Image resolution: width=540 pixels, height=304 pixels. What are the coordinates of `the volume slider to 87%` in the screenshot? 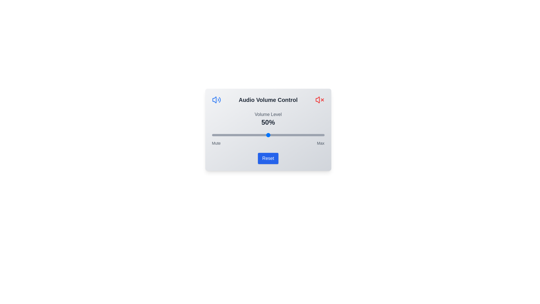 It's located at (309, 135).